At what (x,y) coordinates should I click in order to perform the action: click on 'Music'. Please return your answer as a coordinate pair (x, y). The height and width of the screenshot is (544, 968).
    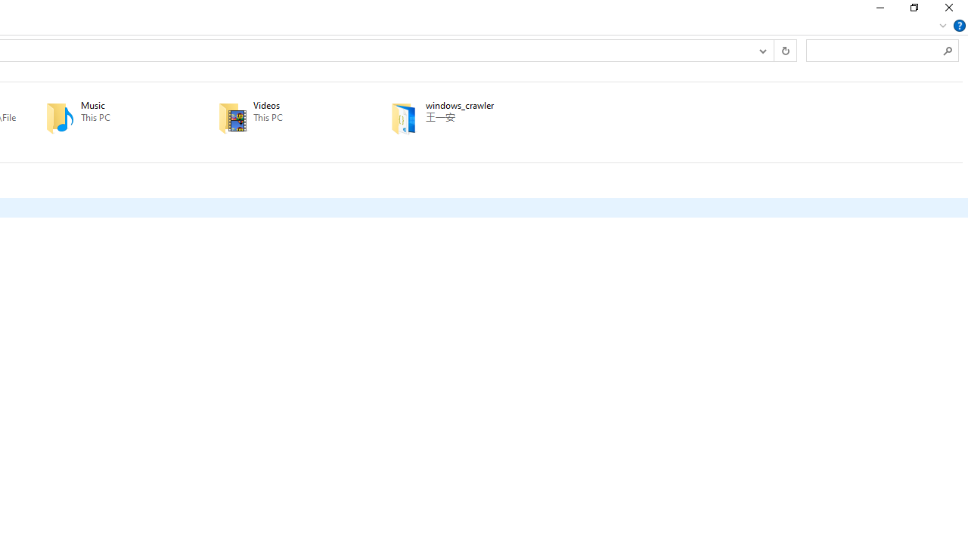
    Looking at the image, I should click on (110, 117).